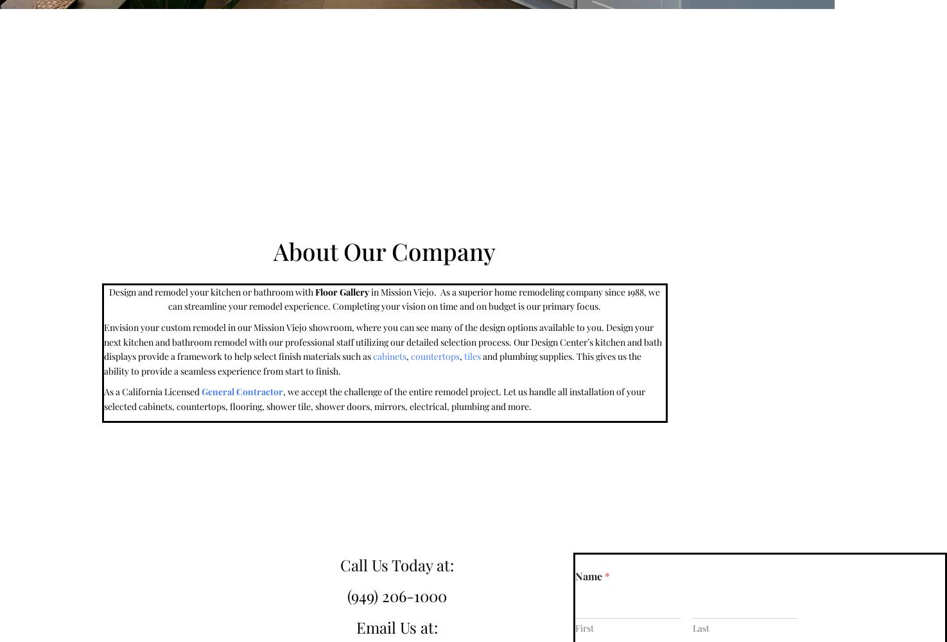 The image size is (947, 642). What do you see at coordinates (395, 595) in the screenshot?
I see `'(949) 206-1000'` at bounding box center [395, 595].